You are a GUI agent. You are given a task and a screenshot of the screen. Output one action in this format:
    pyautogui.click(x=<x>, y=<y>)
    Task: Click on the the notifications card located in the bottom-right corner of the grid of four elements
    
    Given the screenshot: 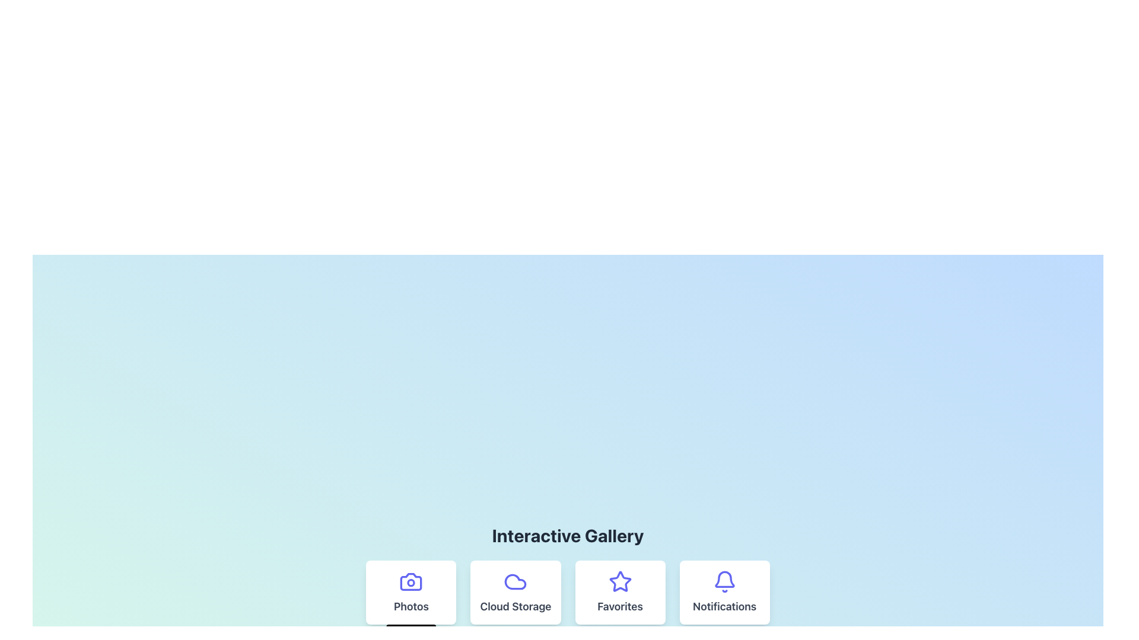 What is the action you would take?
    pyautogui.click(x=724, y=592)
    